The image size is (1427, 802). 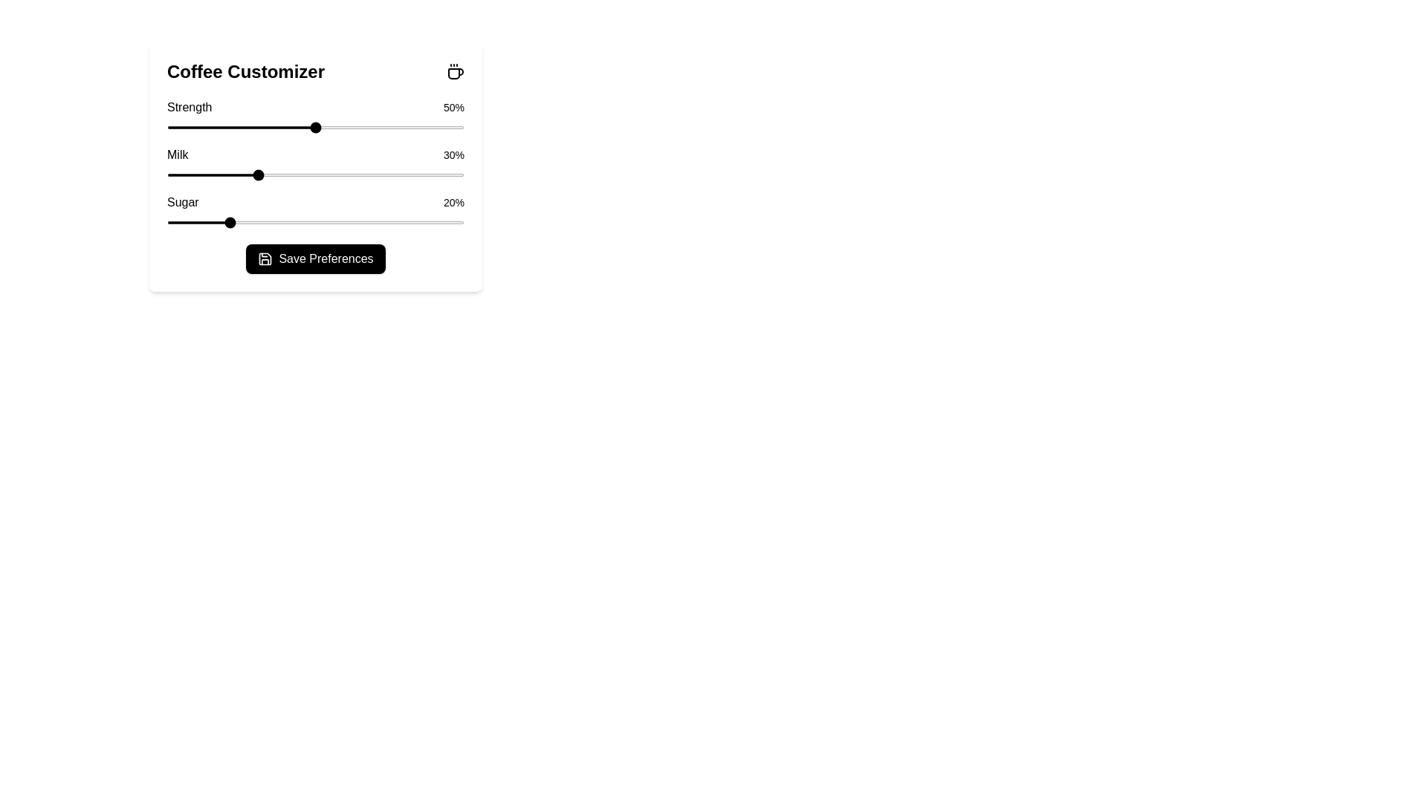 I want to click on sugar level, so click(x=338, y=223).